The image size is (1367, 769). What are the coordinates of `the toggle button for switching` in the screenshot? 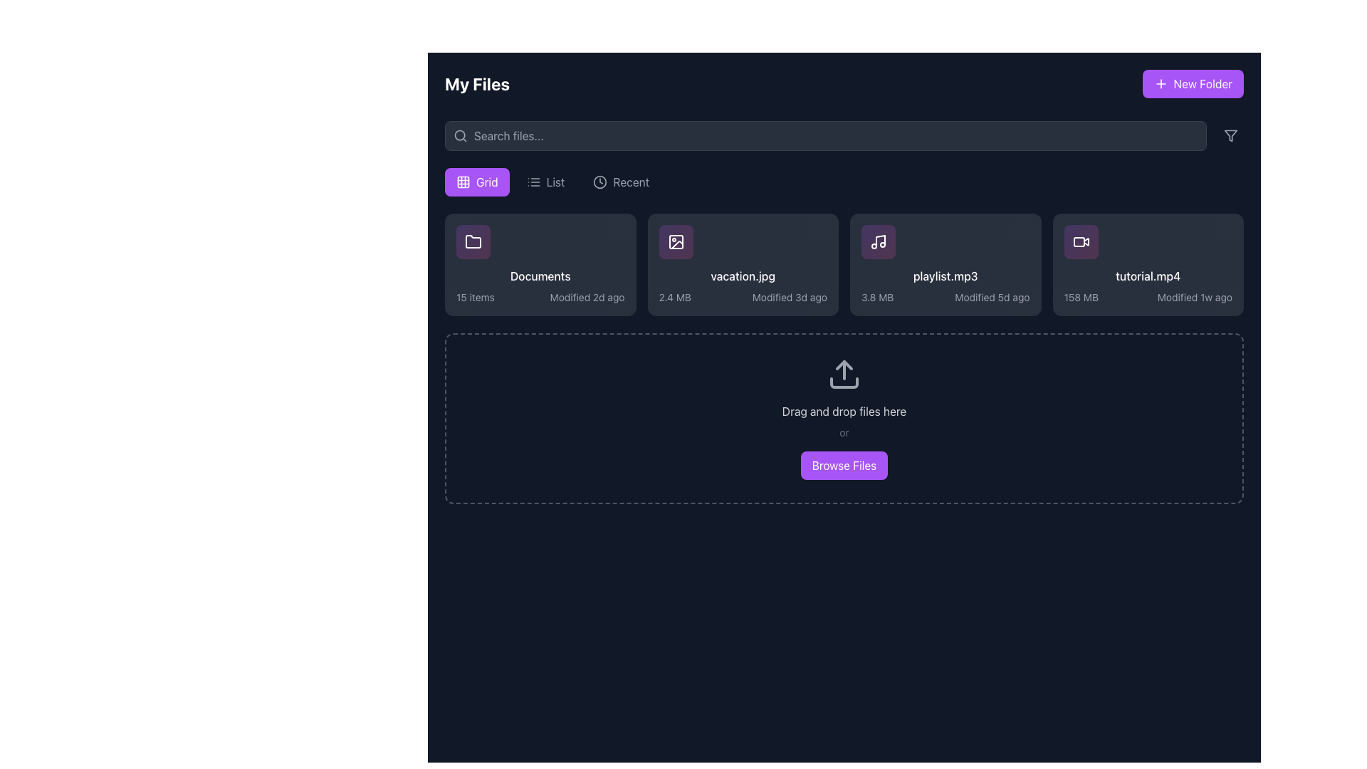 It's located at (545, 181).